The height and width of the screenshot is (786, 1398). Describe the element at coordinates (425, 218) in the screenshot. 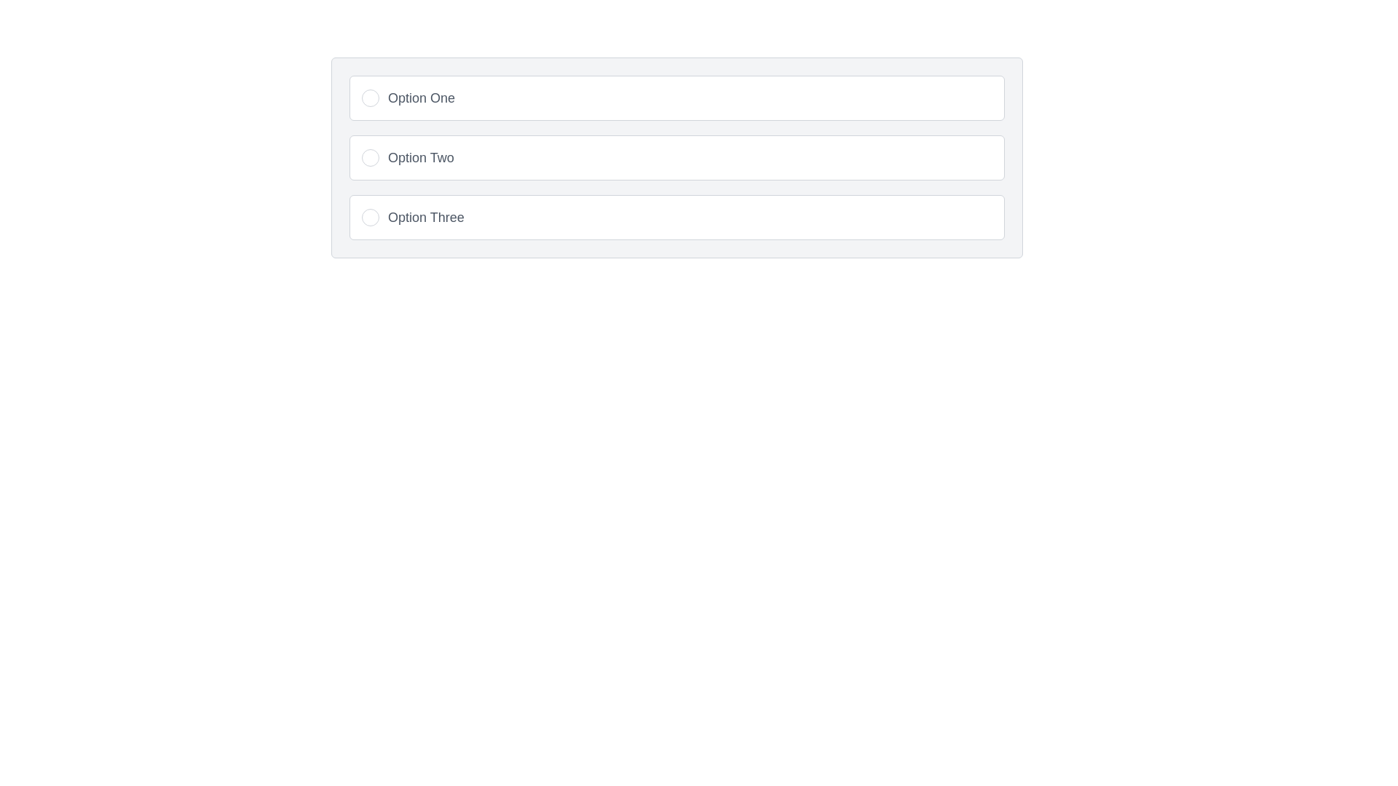

I see `the Text Label that describes one of the selectable options in the form or list interface, positioned last in the vertically organized list with a circular marking on its left side` at that location.